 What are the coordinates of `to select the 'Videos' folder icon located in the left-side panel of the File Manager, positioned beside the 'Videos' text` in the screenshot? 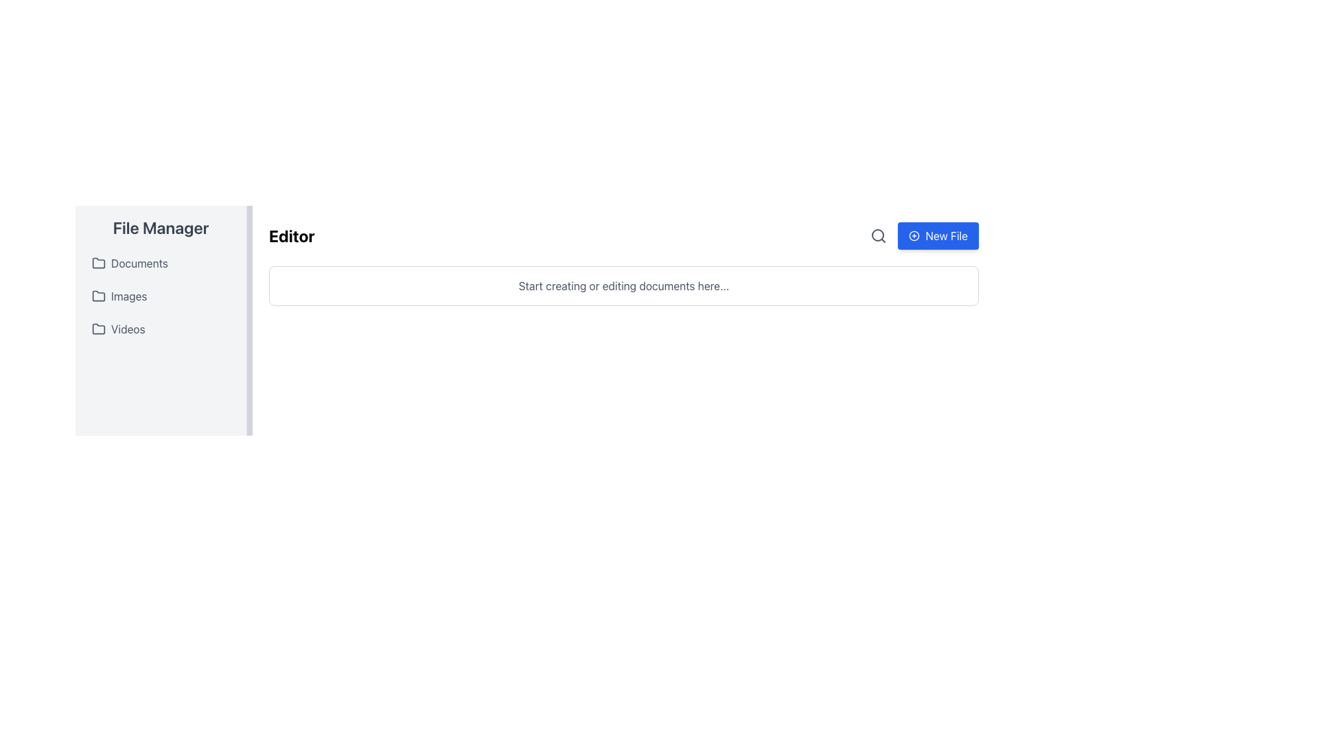 It's located at (98, 328).